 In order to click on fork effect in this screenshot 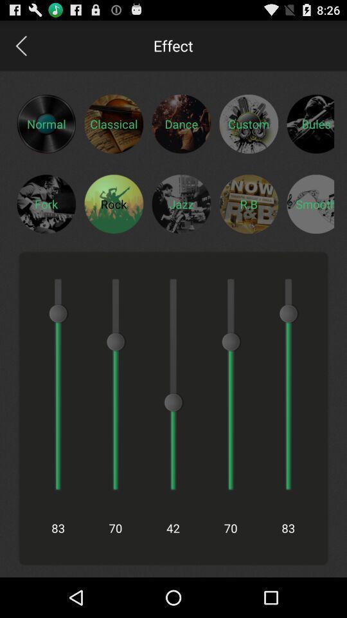, I will do `click(46, 203)`.